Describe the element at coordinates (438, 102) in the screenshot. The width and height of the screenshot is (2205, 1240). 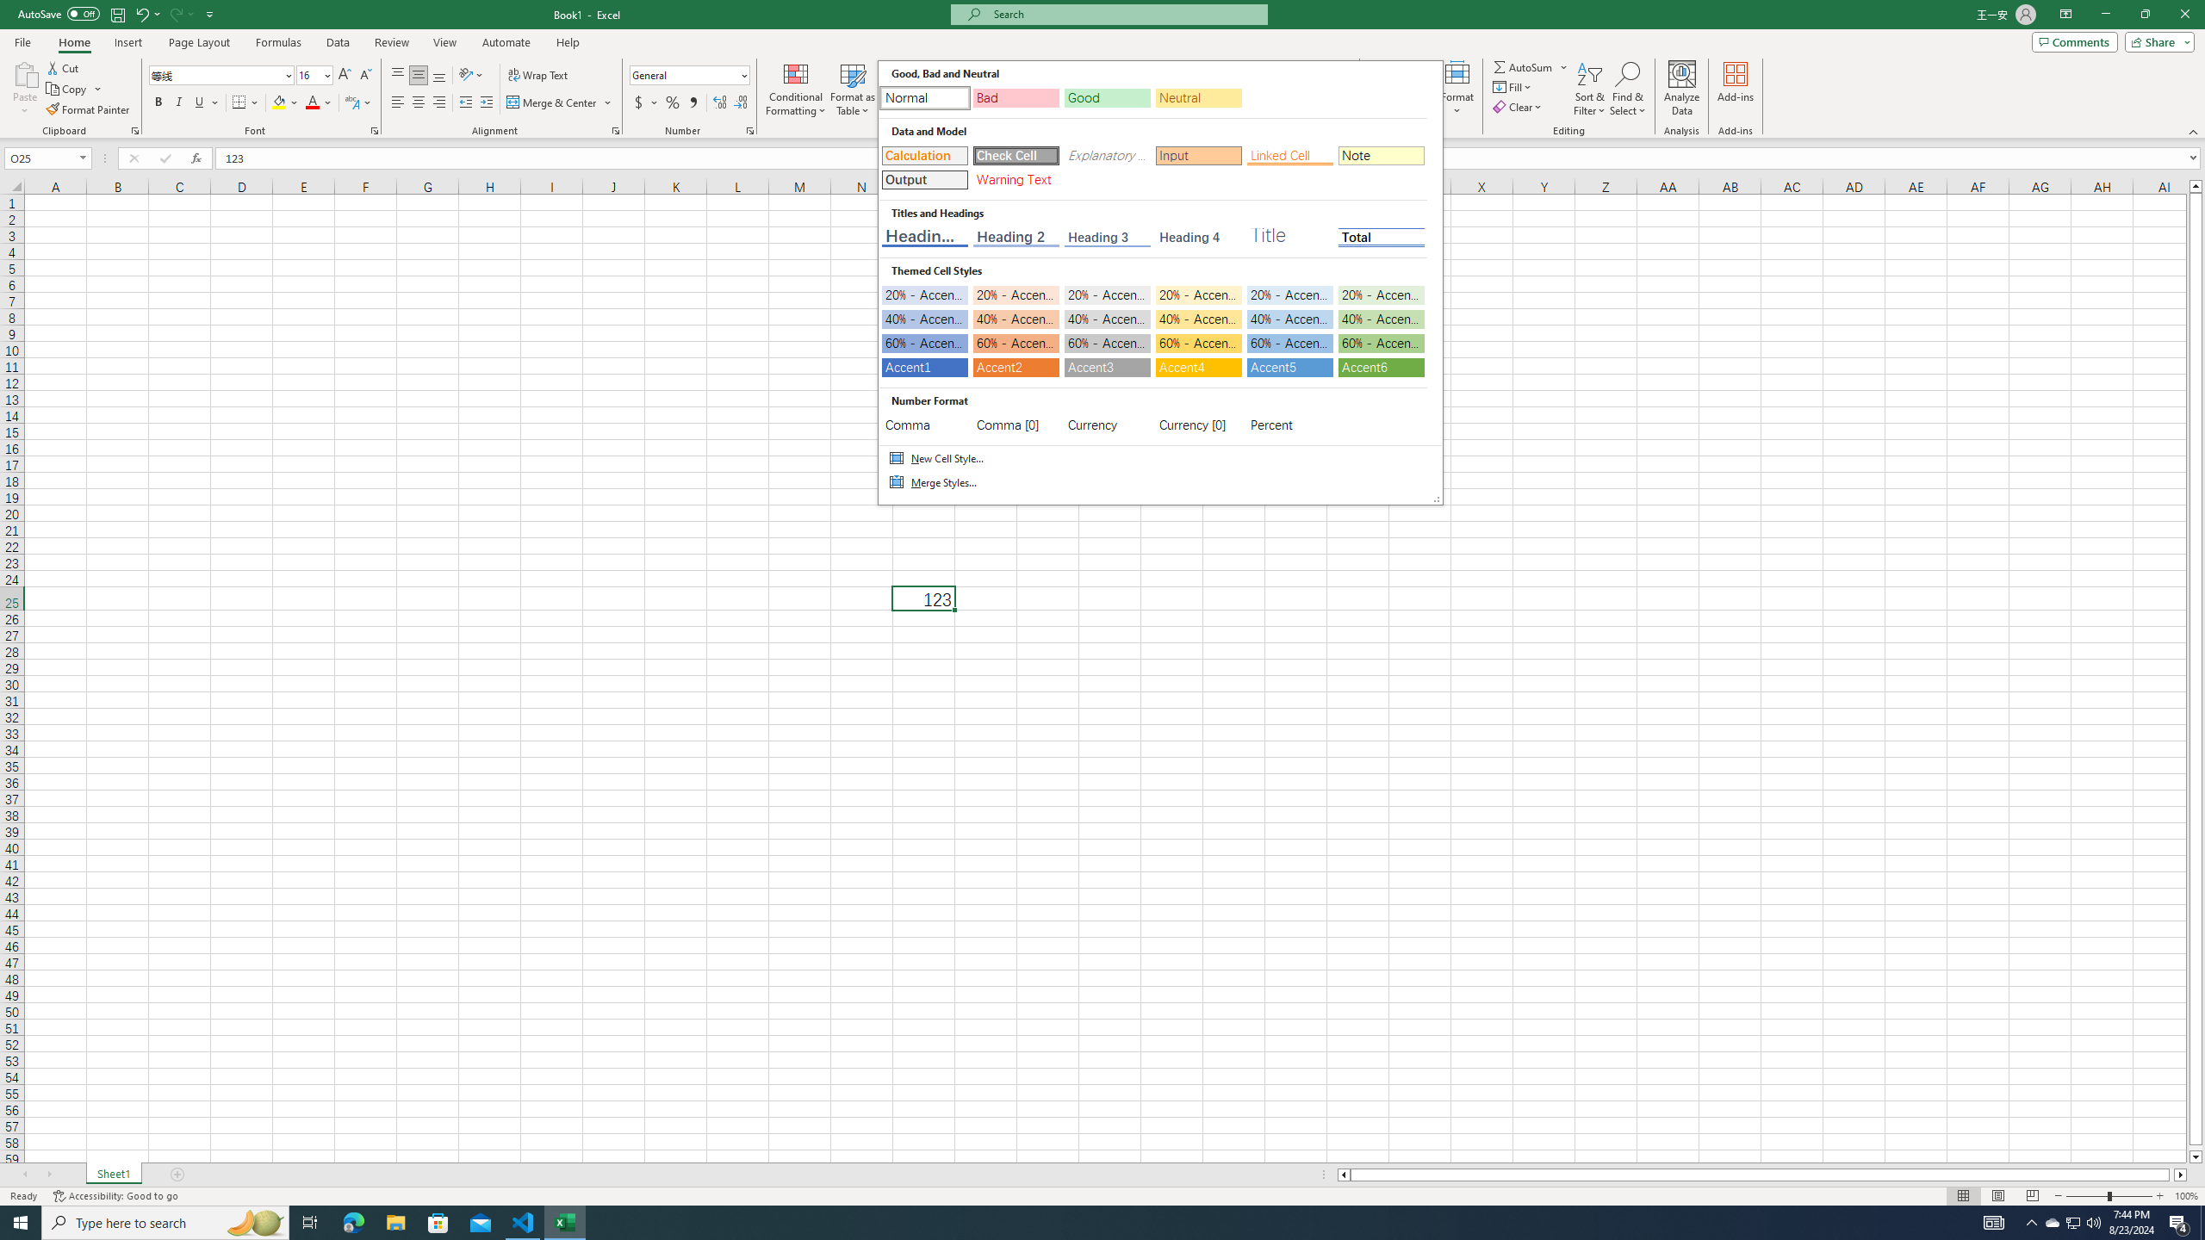
I see `'Align Right'` at that location.